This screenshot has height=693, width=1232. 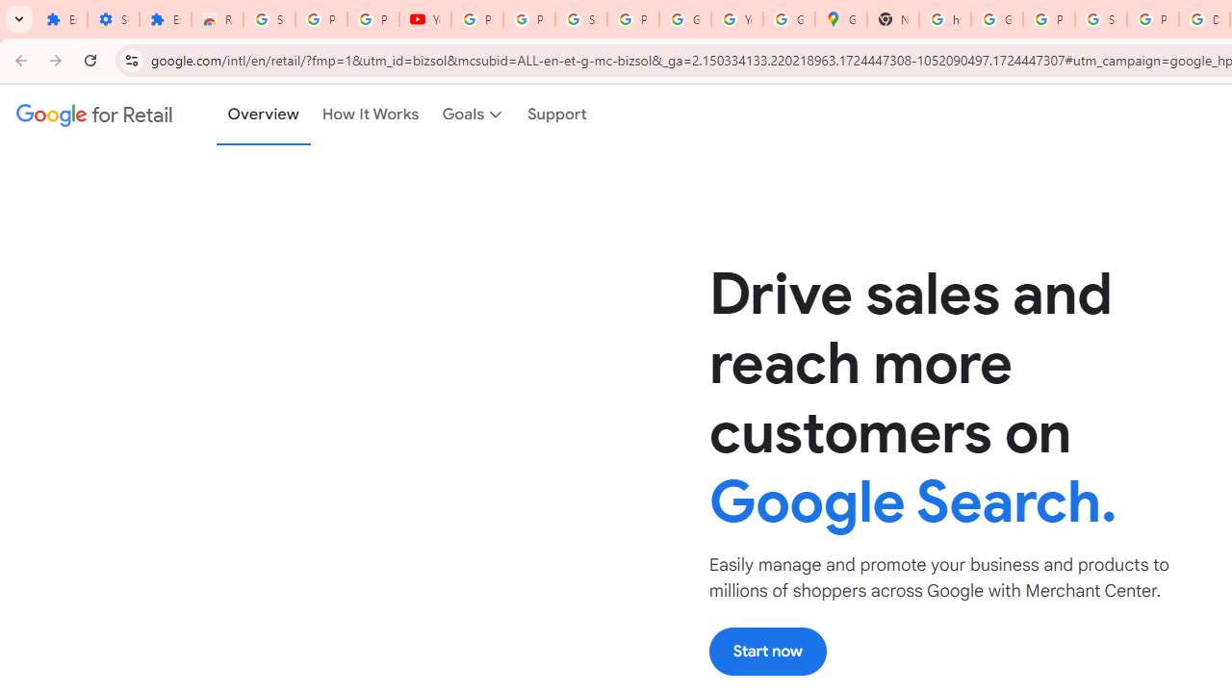 I want to click on 'Reviews: Helix Fruit Jump Arcade Game', so click(x=217, y=19).